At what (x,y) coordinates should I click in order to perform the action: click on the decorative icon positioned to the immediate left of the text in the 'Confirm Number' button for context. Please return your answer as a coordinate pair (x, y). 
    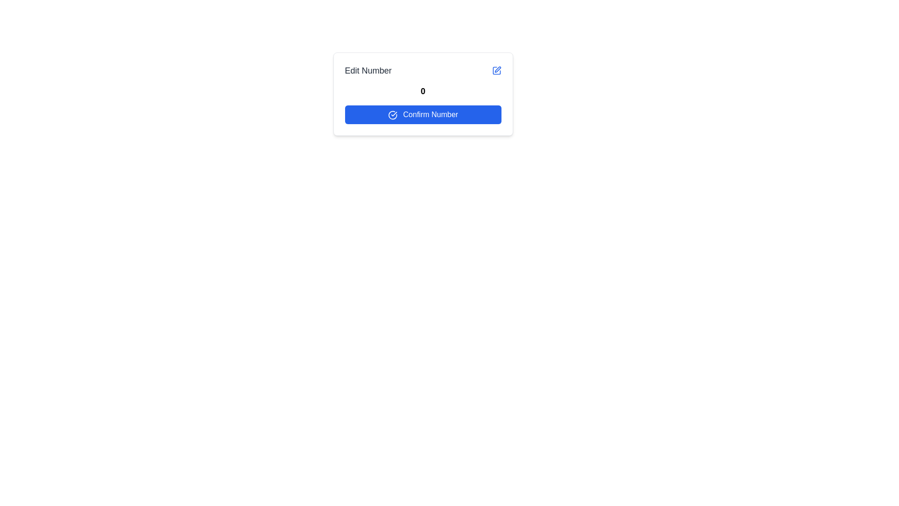
    Looking at the image, I should click on (392, 114).